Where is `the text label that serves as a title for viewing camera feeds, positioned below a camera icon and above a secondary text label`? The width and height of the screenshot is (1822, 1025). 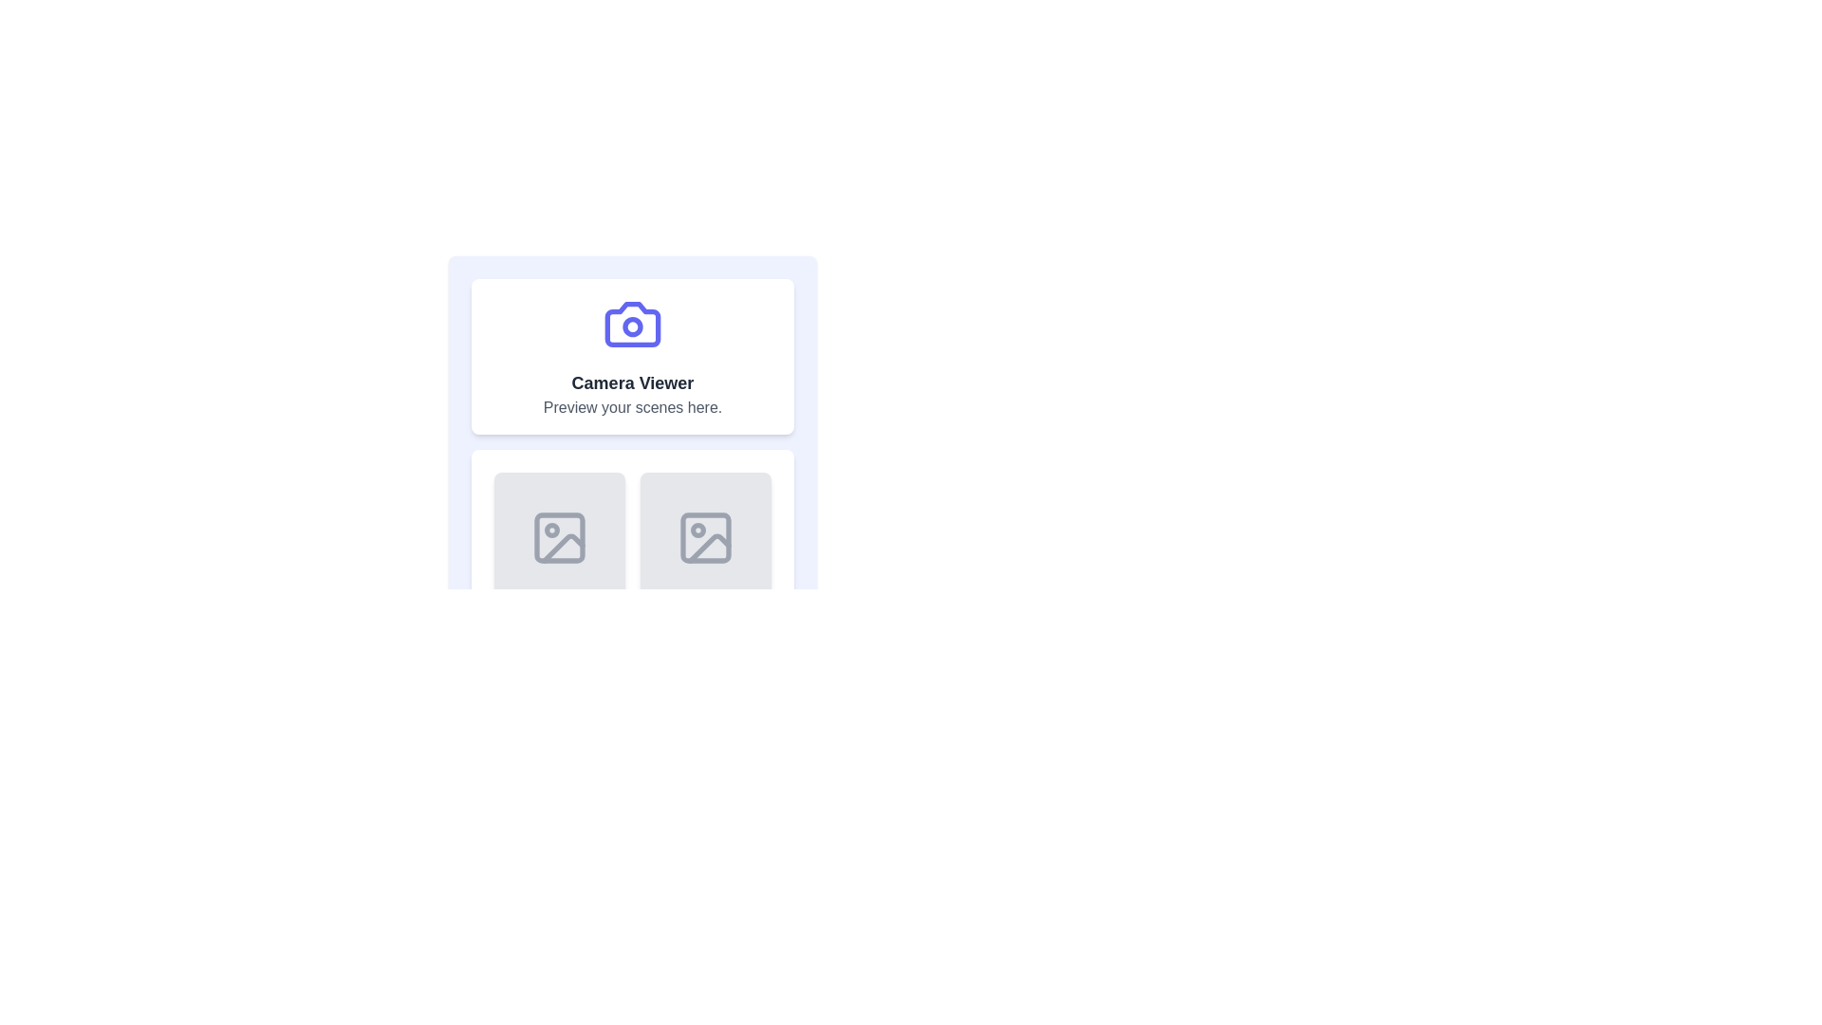
the text label that serves as a title for viewing camera feeds, positioned below a camera icon and above a secondary text label is located at coordinates (633, 383).